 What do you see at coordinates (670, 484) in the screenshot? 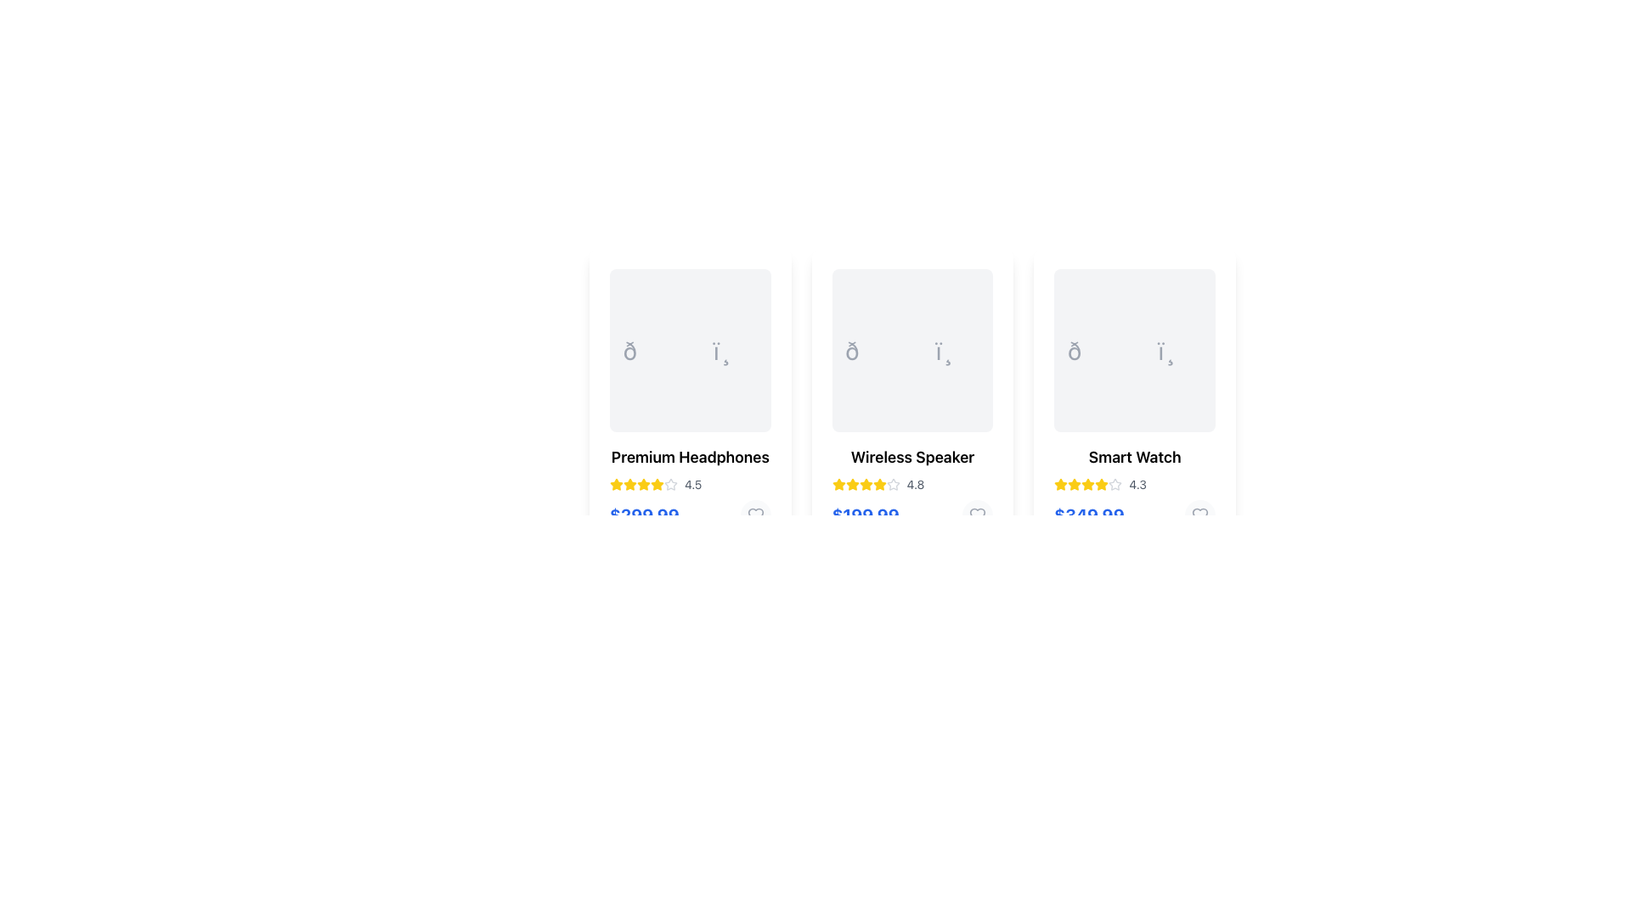
I see `the sixth star icon in the rating system for 'Premium Headphones', which is currently inactive and outlined in gray` at bounding box center [670, 484].